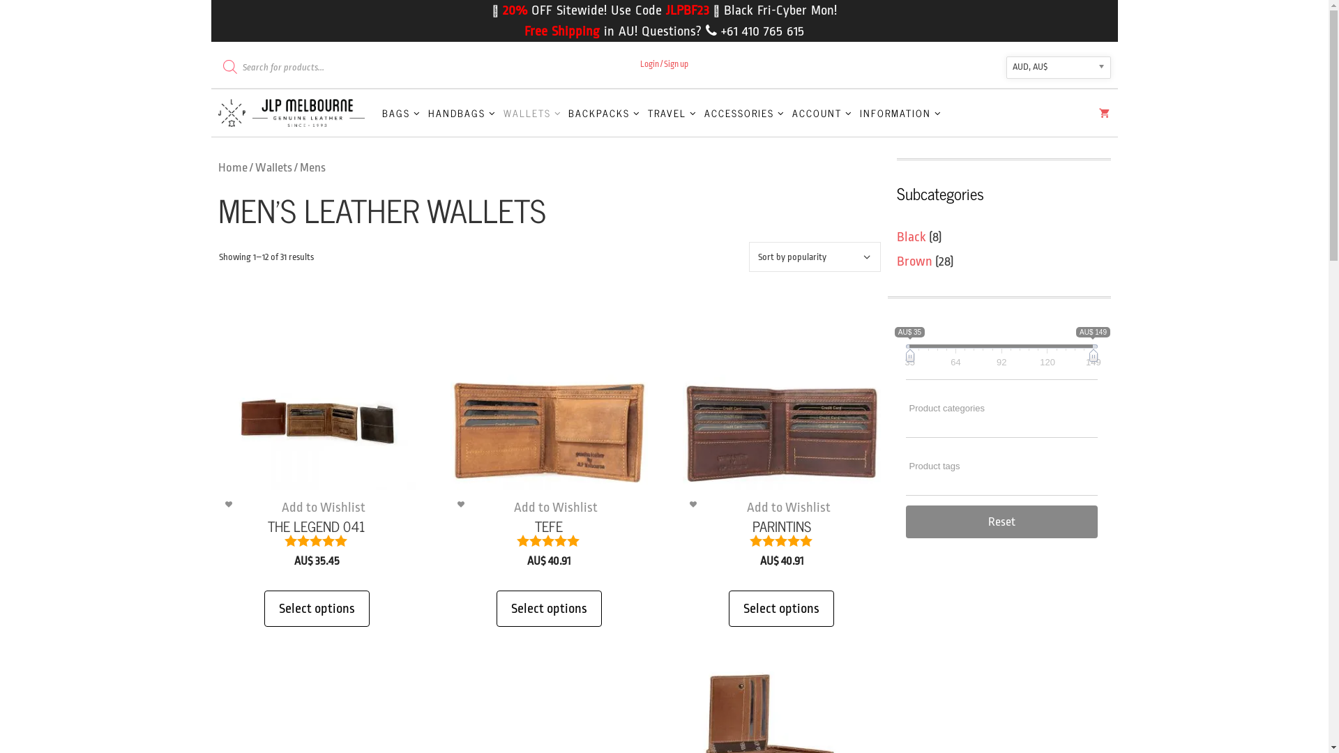 This screenshot has height=753, width=1339. Describe the element at coordinates (911, 236) in the screenshot. I see `'Black'` at that location.